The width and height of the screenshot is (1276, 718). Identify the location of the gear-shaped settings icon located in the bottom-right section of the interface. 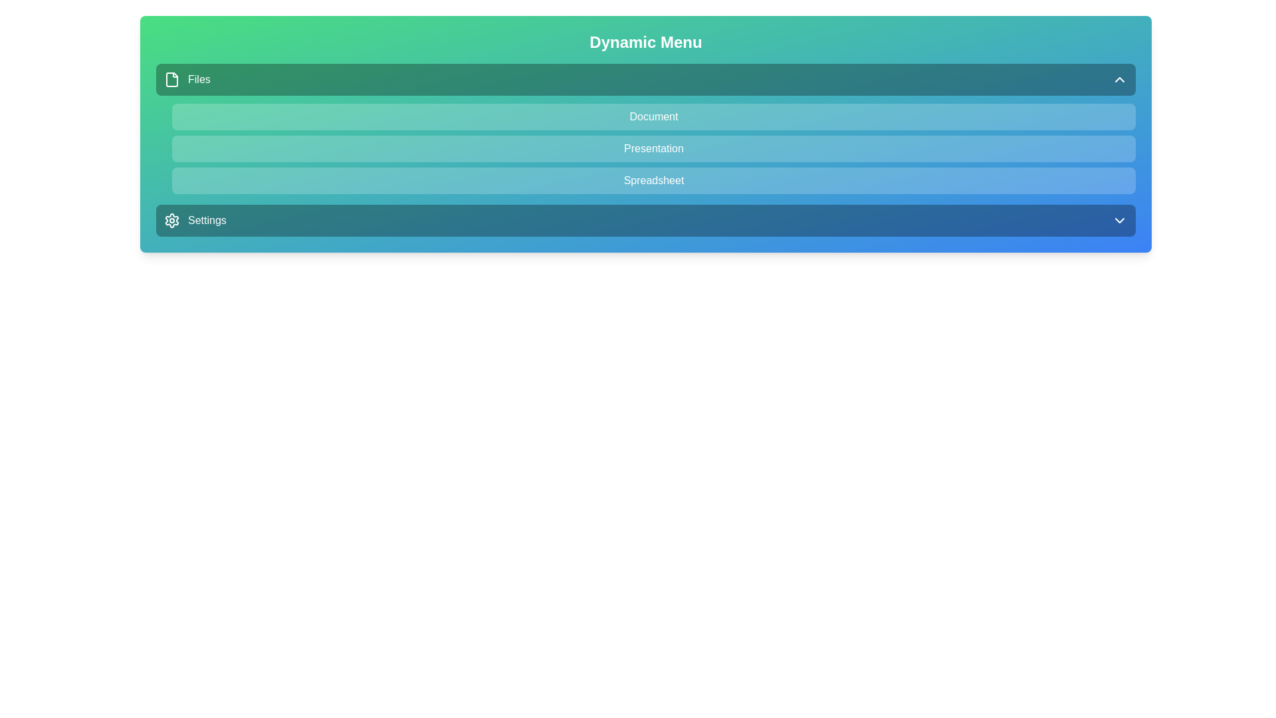
(171, 219).